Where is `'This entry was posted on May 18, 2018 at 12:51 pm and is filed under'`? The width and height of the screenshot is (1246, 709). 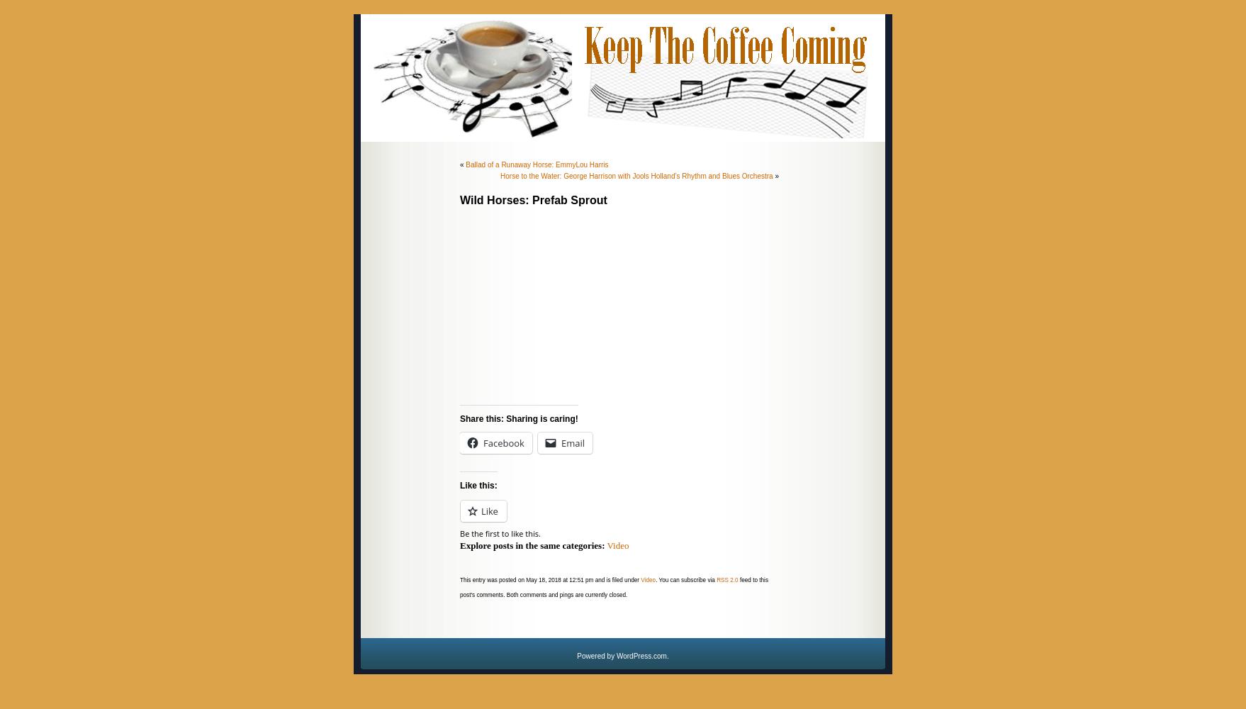
'This entry was posted on May 18, 2018 at 12:51 pm and is filed under' is located at coordinates (460, 579).